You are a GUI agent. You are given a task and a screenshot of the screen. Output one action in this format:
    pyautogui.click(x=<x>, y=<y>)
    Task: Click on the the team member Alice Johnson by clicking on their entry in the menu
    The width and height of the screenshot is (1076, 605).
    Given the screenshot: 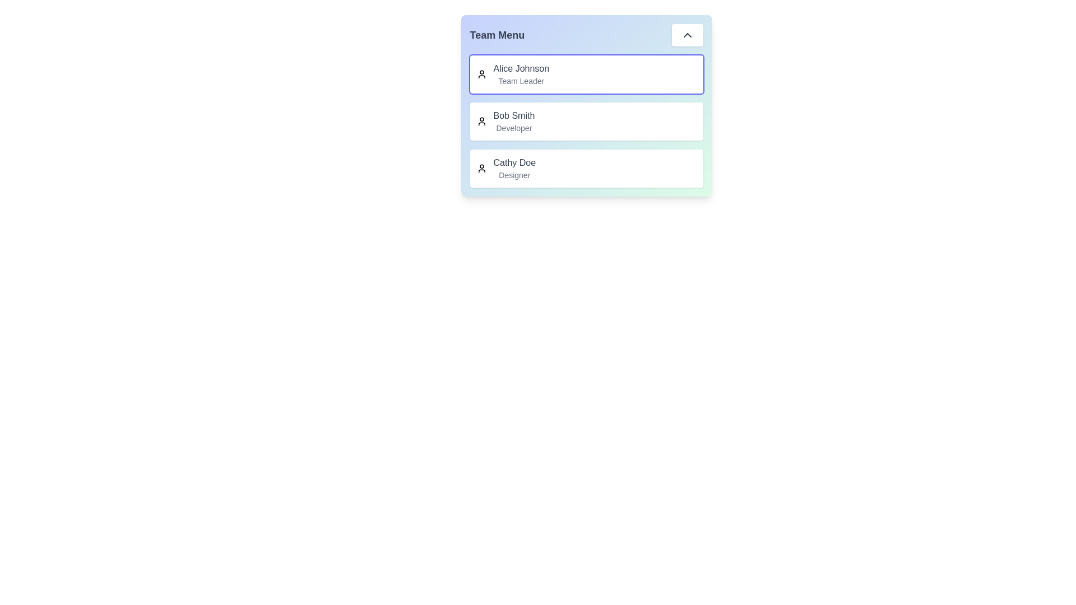 What is the action you would take?
    pyautogui.click(x=586, y=74)
    